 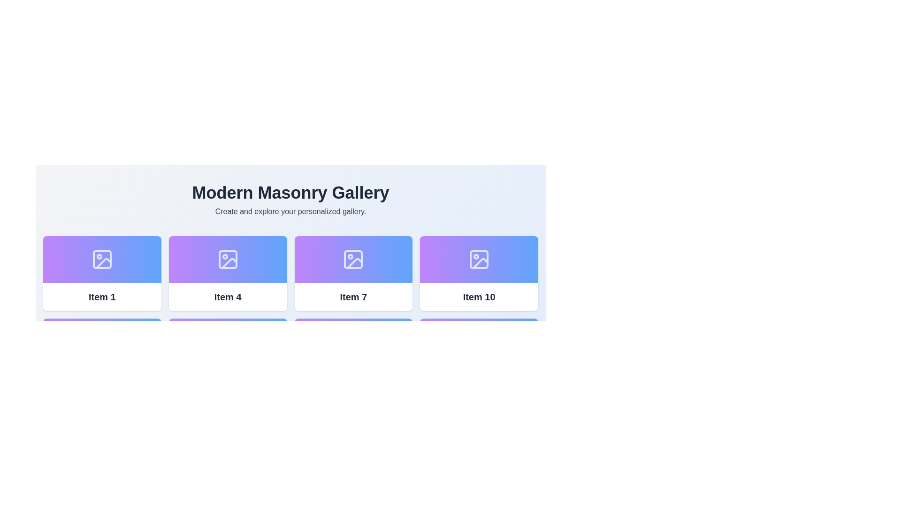 I want to click on the diagonal line icon within the first card labeled 'Item 1' in the four-card grid layout, so click(x=103, y=263).